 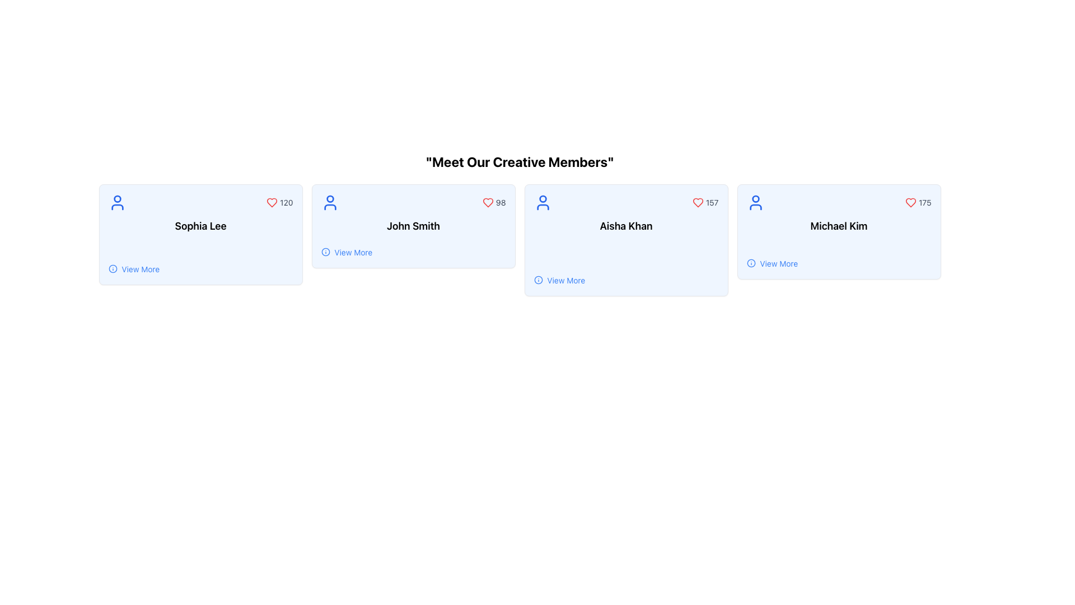 I want to click on the 'View More' text link with an icon, styled in blue, located at the bottom-left corner of the information card for 'Michael Kim', so click(x=772, y=263).